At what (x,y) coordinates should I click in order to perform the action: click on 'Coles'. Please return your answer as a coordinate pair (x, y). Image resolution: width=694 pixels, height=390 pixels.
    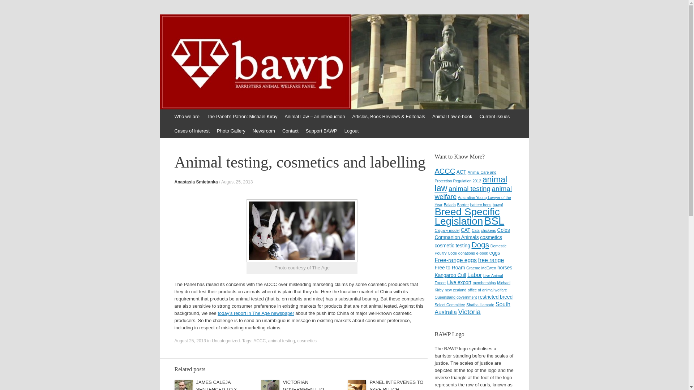
    Looking at the image, I should click on (503, 230).